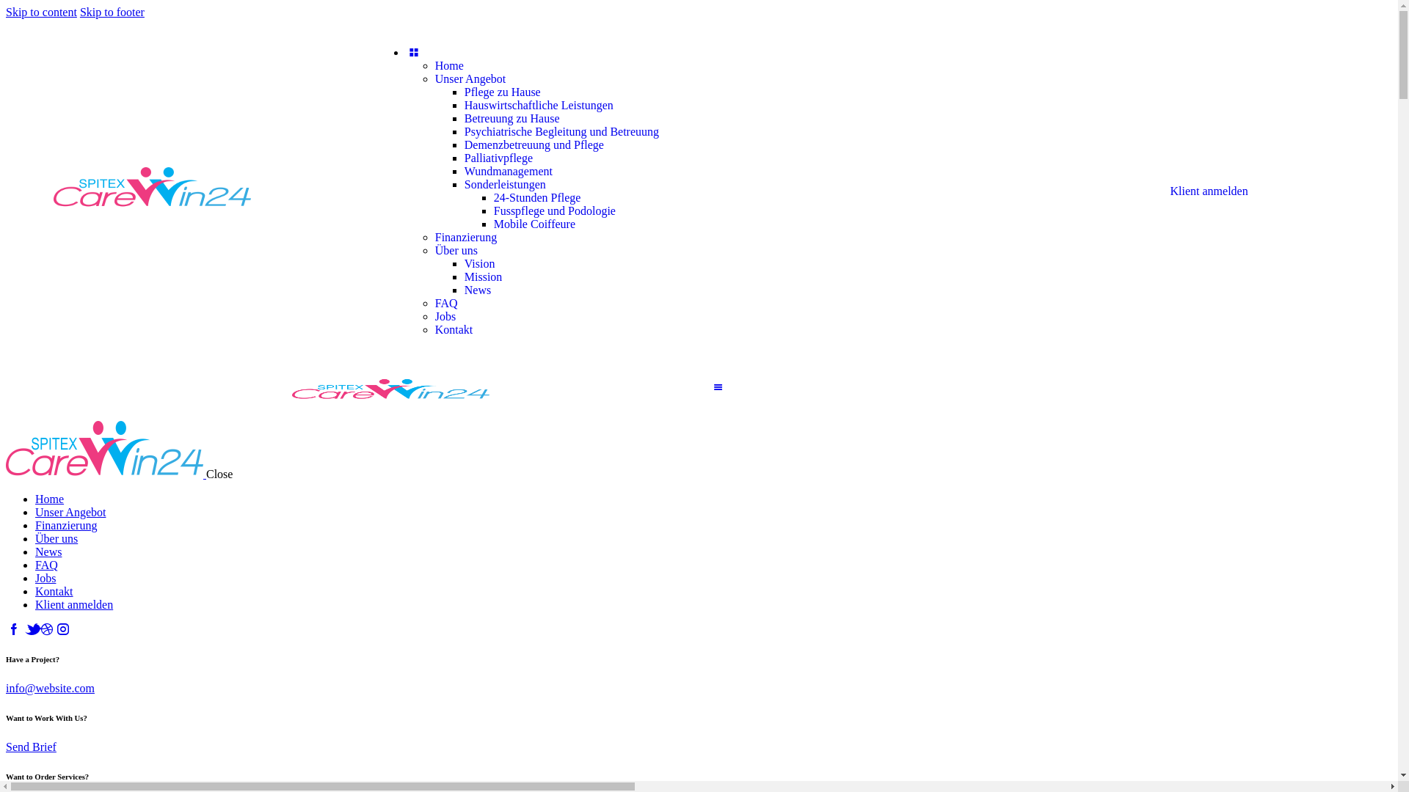 This screenshot has width=1409, height=792. I want to click on 'Klient anmelden', so click(35, 604).